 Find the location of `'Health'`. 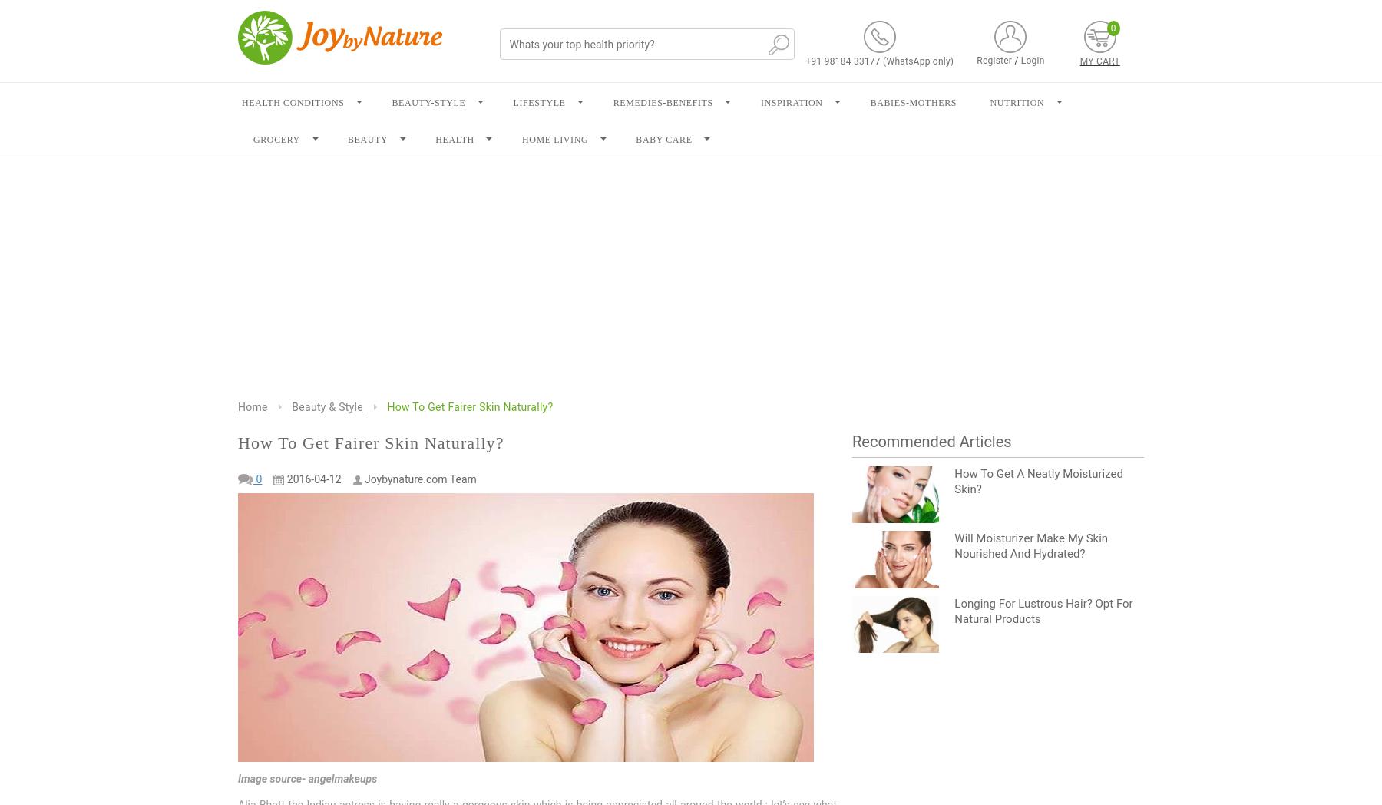

'Health' is located at coordinates (455, 139).